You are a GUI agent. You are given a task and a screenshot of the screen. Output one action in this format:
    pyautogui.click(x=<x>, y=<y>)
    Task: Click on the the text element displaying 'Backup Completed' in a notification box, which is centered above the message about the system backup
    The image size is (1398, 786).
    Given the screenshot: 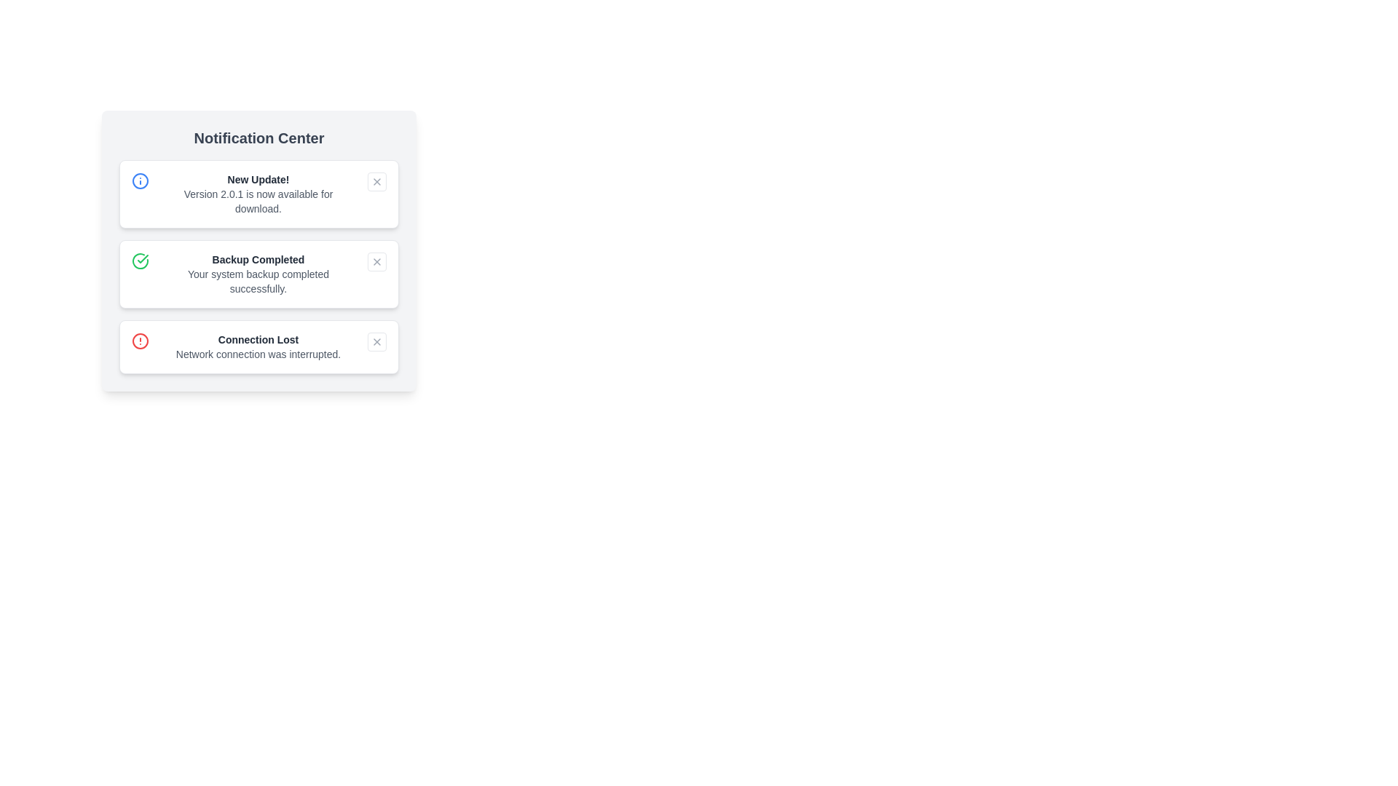 What is the action you would take?
    pyautogui.click(x=258, y=259)
    